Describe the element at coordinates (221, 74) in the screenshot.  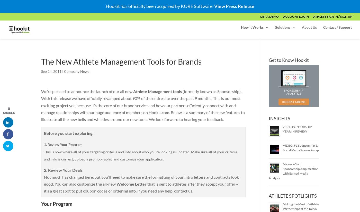
I see `'Hookit Score'` at that location.